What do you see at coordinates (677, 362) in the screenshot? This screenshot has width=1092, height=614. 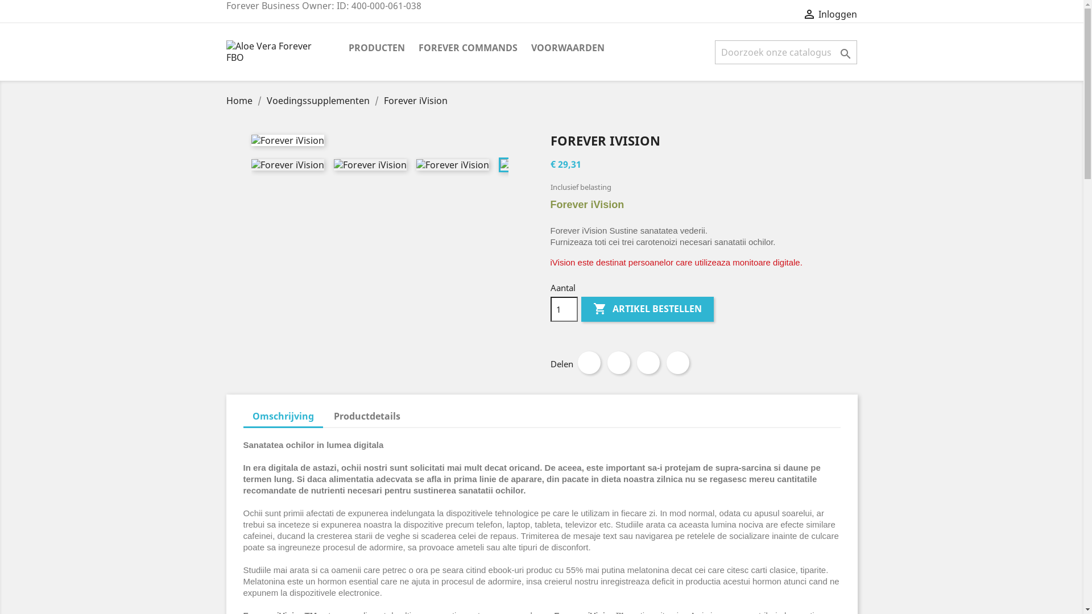 I see `'Pinterest'` at bounding box center [677, 362].